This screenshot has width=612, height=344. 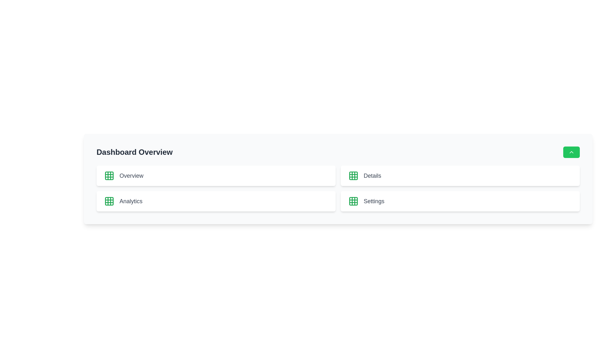 I want to click on the icon representing the grid or overview concept located in the top-left corner of the 'Overview' card, which aligns with the 'Overview' label, so click(x=109, y=176).